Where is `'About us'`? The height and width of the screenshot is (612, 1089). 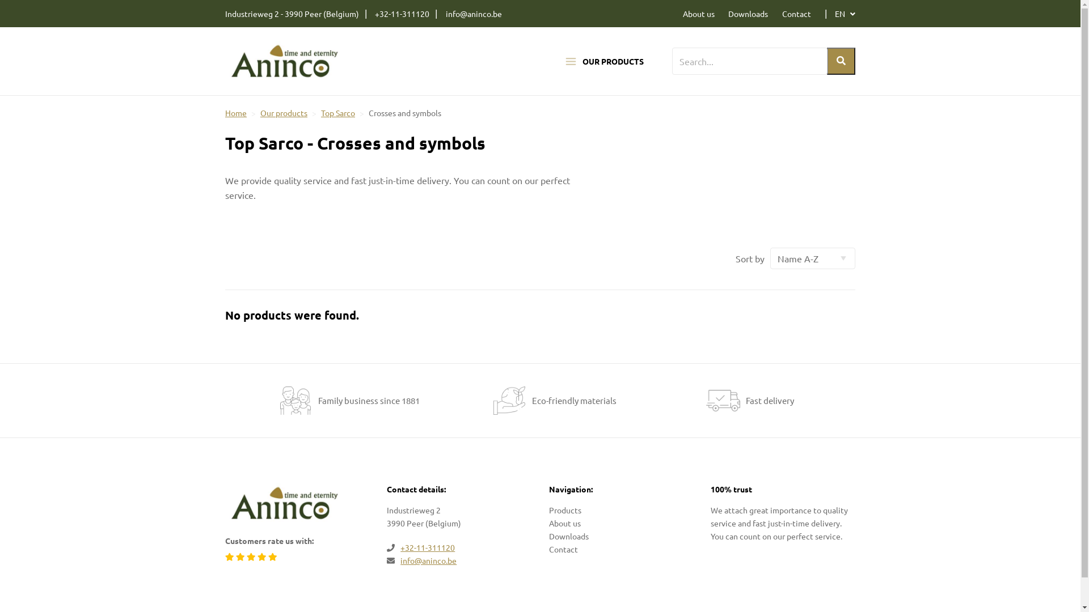 'About us' is located at coordinates (698, 13).